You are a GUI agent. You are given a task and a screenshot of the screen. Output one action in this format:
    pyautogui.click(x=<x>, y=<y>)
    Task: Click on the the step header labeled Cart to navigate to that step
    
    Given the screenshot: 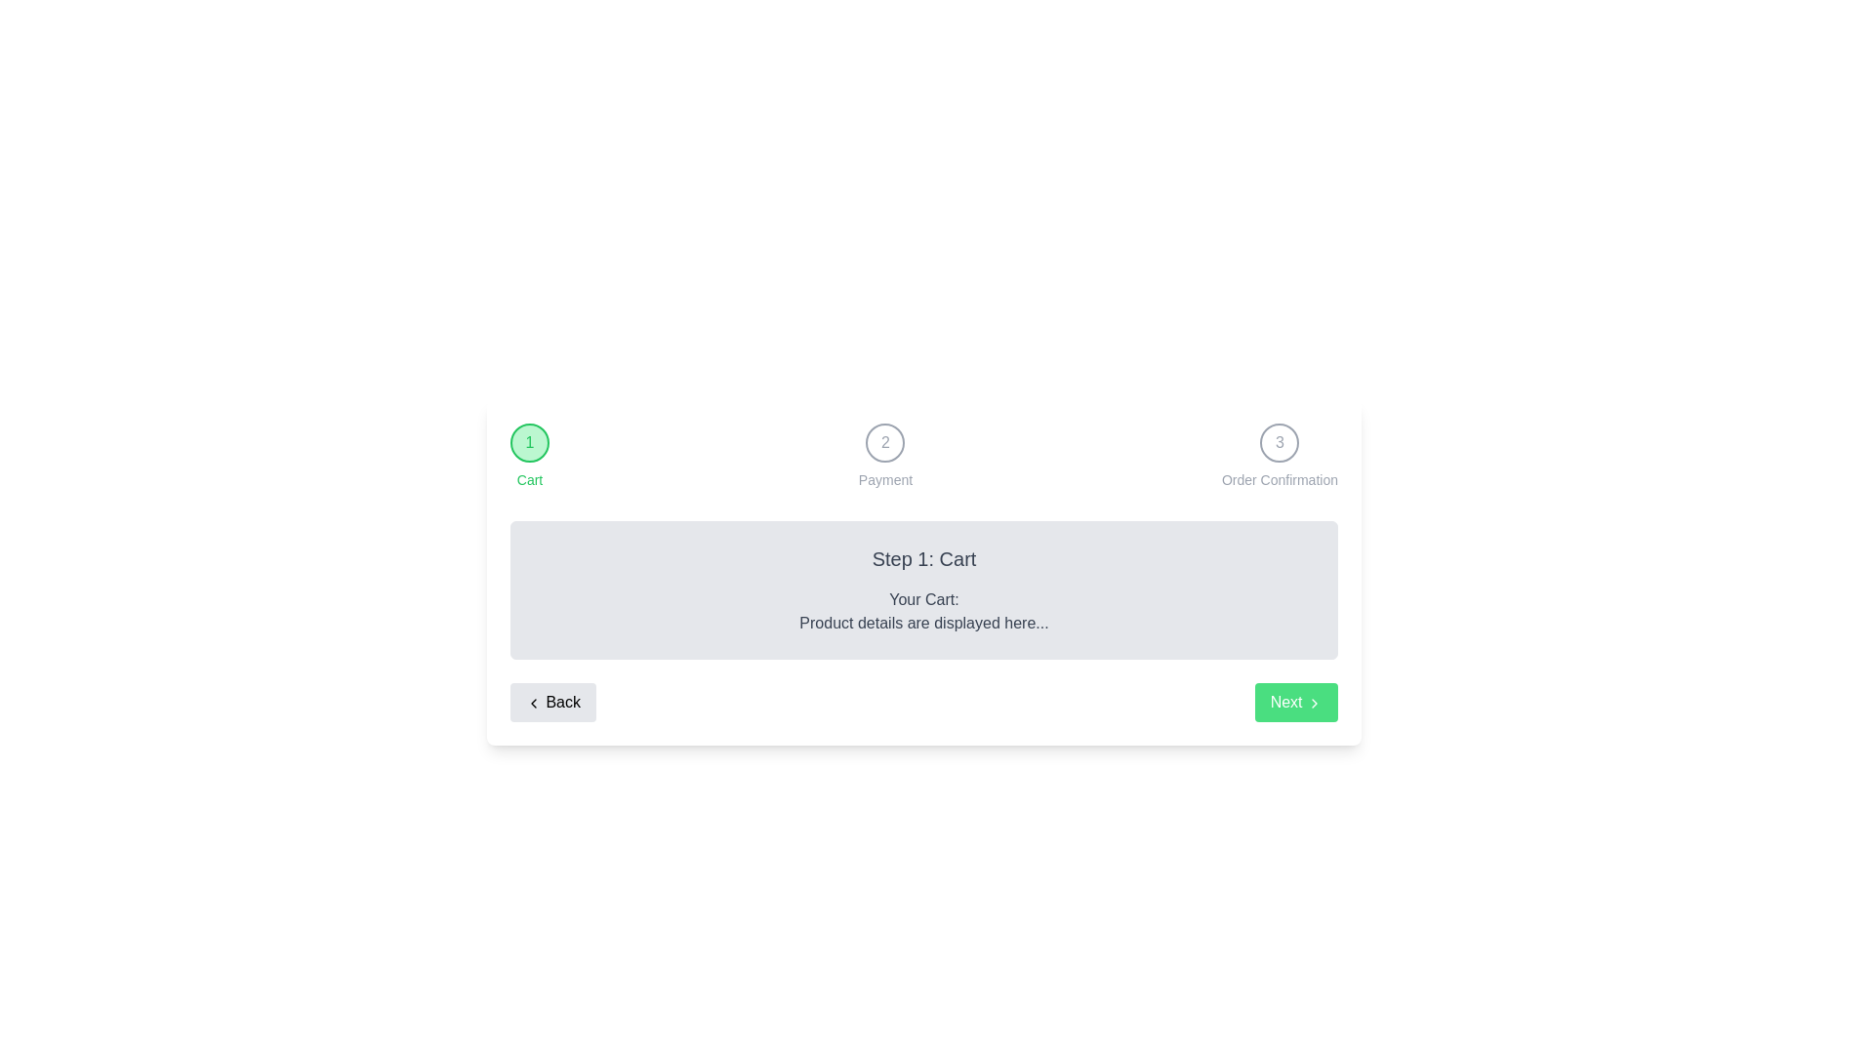 What is the action you would take?
    pyautogui.click(x=529, y=443)
    